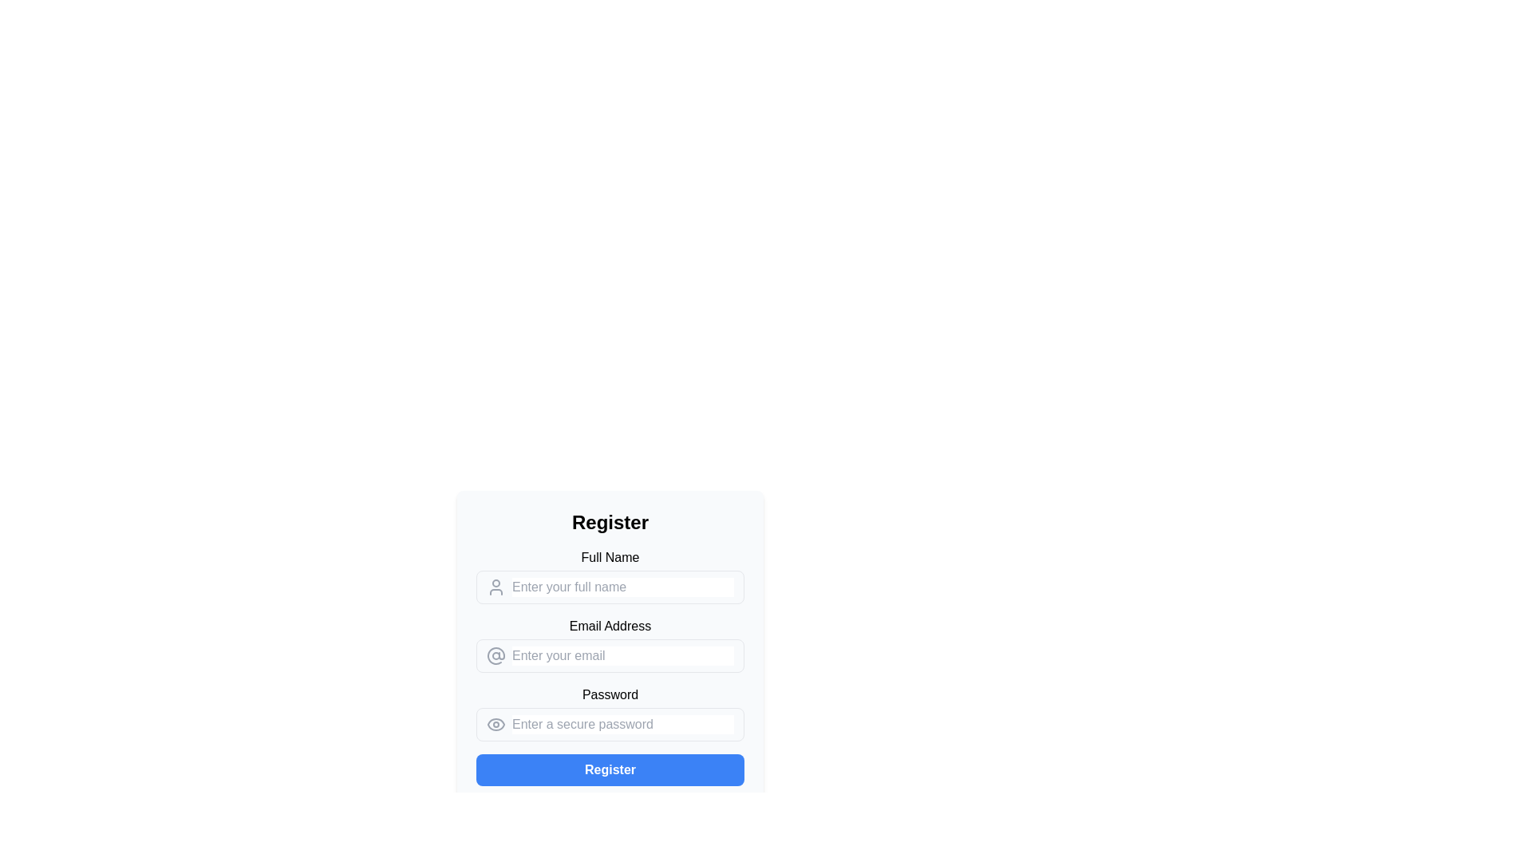 The width and height of the screenshot is (1532, 862). I want to click on the decorative icon that visually reinforces the email address input field on the registration form, located to the far left side of the input area, so click(496, 655).